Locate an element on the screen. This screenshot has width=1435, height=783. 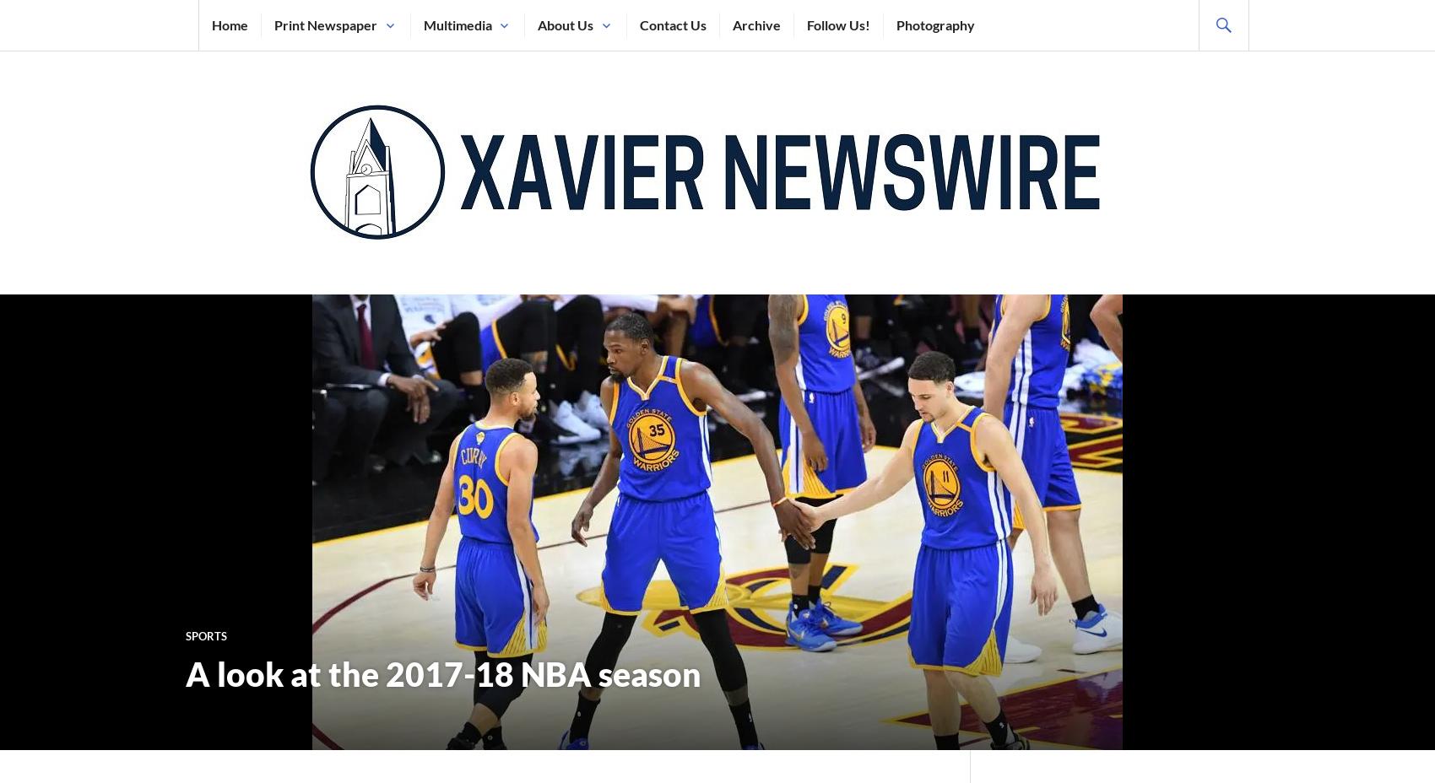
'Sports' is located at coordinates (206, 634).